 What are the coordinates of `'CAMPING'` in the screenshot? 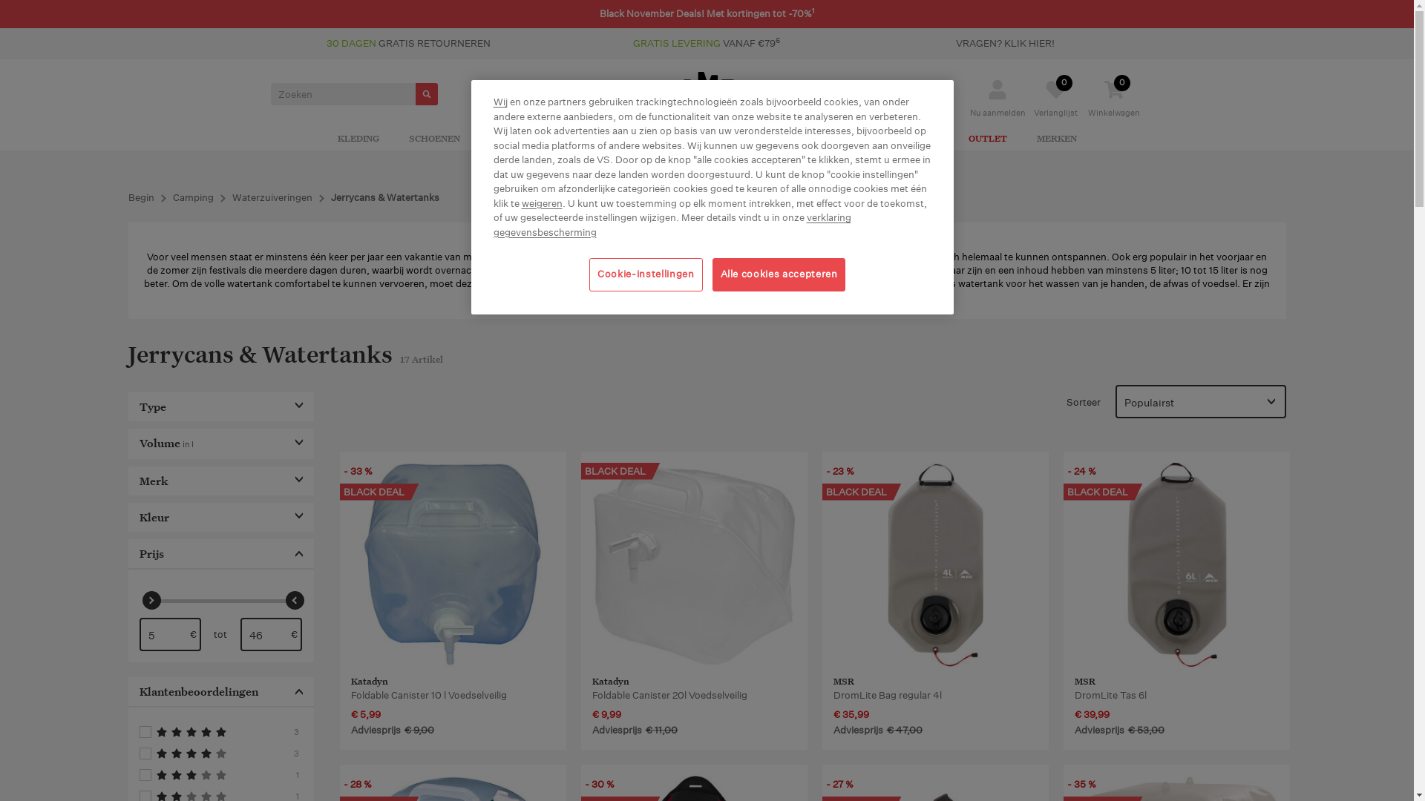 It's located at (598, 139).